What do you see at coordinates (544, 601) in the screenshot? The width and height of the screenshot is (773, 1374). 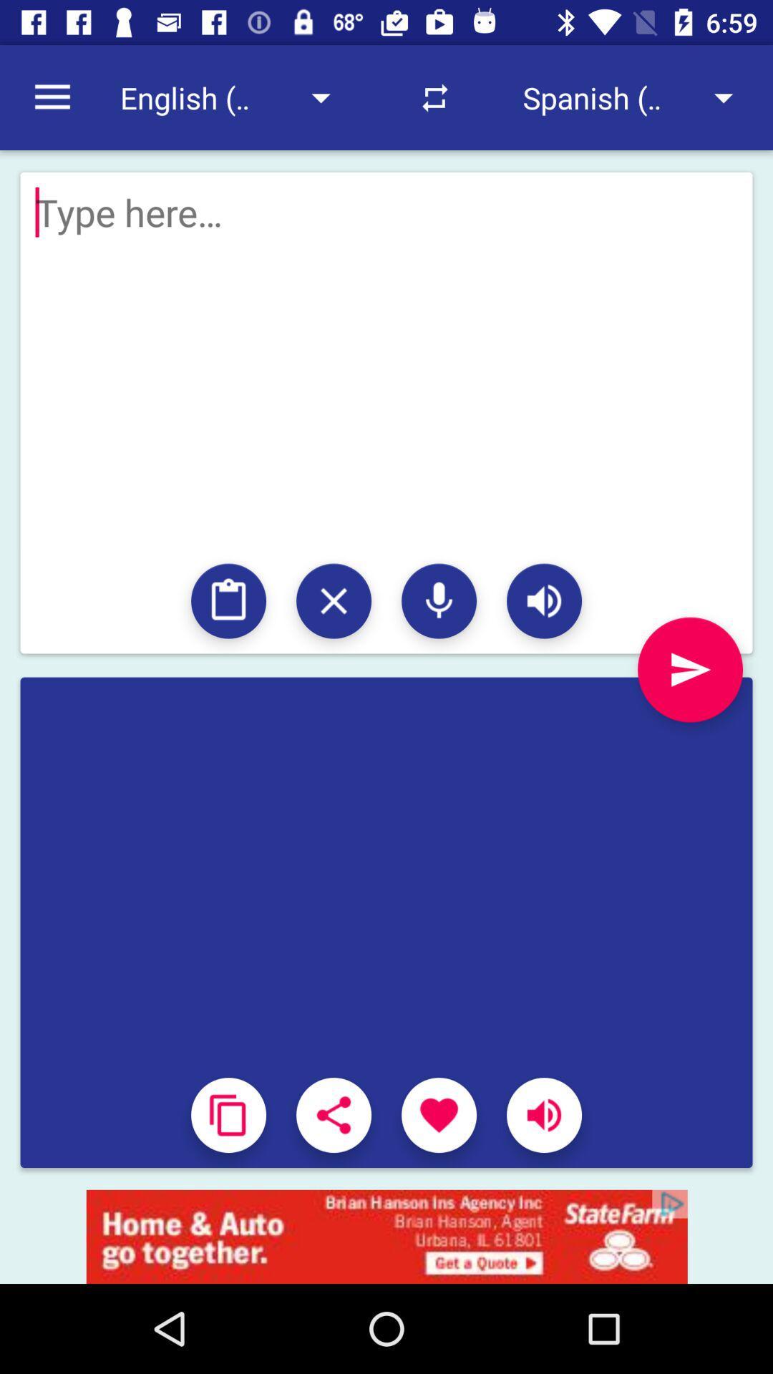 I see `sound` at bounding box center [544, 601].